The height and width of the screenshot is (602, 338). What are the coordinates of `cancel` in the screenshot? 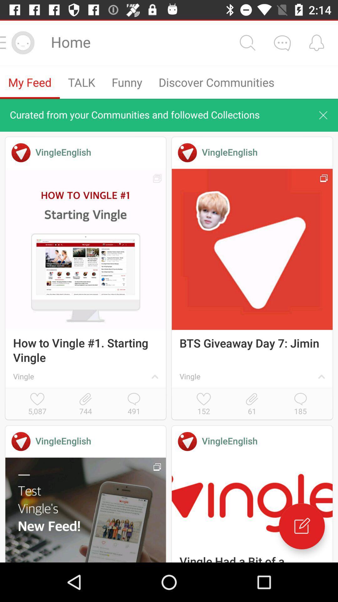 It's located at (323, 115).